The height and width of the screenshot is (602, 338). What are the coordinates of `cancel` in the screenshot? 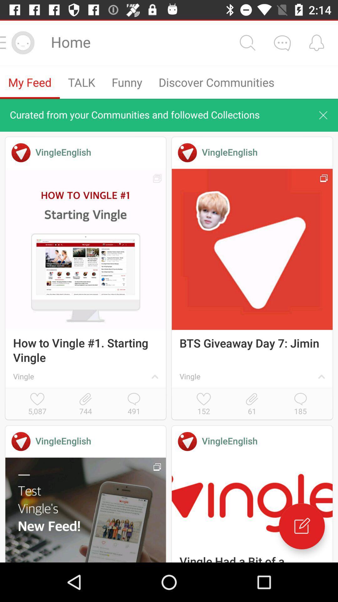 It's located at (323, 115).